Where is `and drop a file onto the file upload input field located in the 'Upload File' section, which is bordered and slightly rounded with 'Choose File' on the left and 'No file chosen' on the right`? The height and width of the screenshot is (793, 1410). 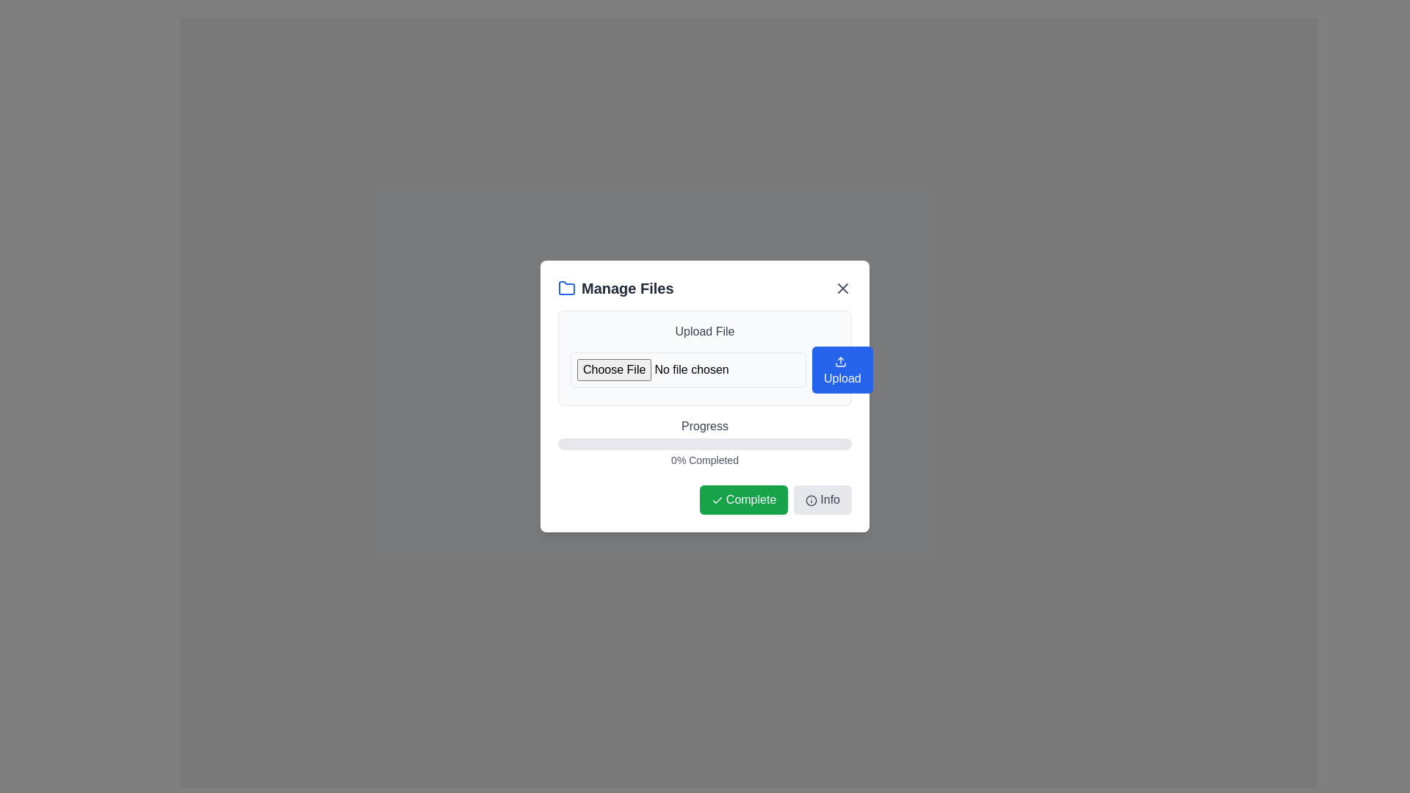 and drop a file onto the file upload input field located in the 'Upload File' section, which is bordered and slightly rounded with 'Choose File' on the left and 'No file chosen' on the right is located at coordinates (687, 369).